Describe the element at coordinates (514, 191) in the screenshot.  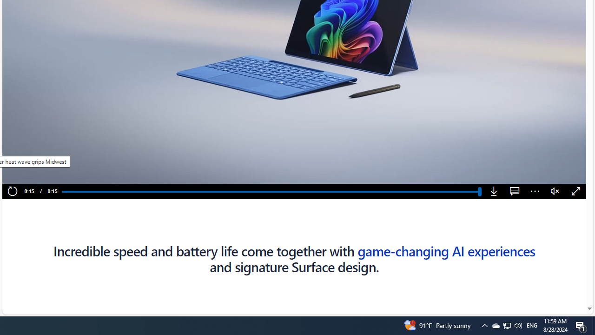
I see `'Captions'` at that location.